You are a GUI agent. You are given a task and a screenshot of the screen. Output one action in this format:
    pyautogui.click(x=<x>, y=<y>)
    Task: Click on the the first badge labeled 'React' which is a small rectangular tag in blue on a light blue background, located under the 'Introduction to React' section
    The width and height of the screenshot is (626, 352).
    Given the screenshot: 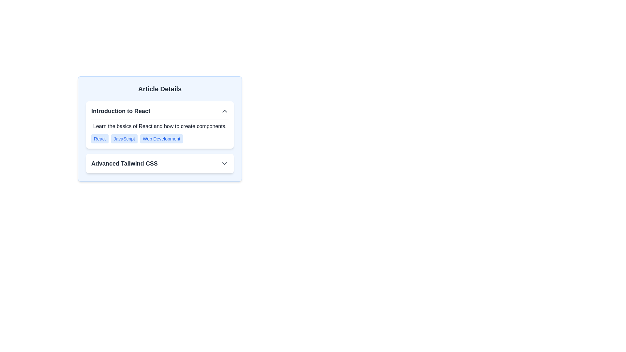 What is the action you would take?
    pyautogui.click(x=99, y=138)
    